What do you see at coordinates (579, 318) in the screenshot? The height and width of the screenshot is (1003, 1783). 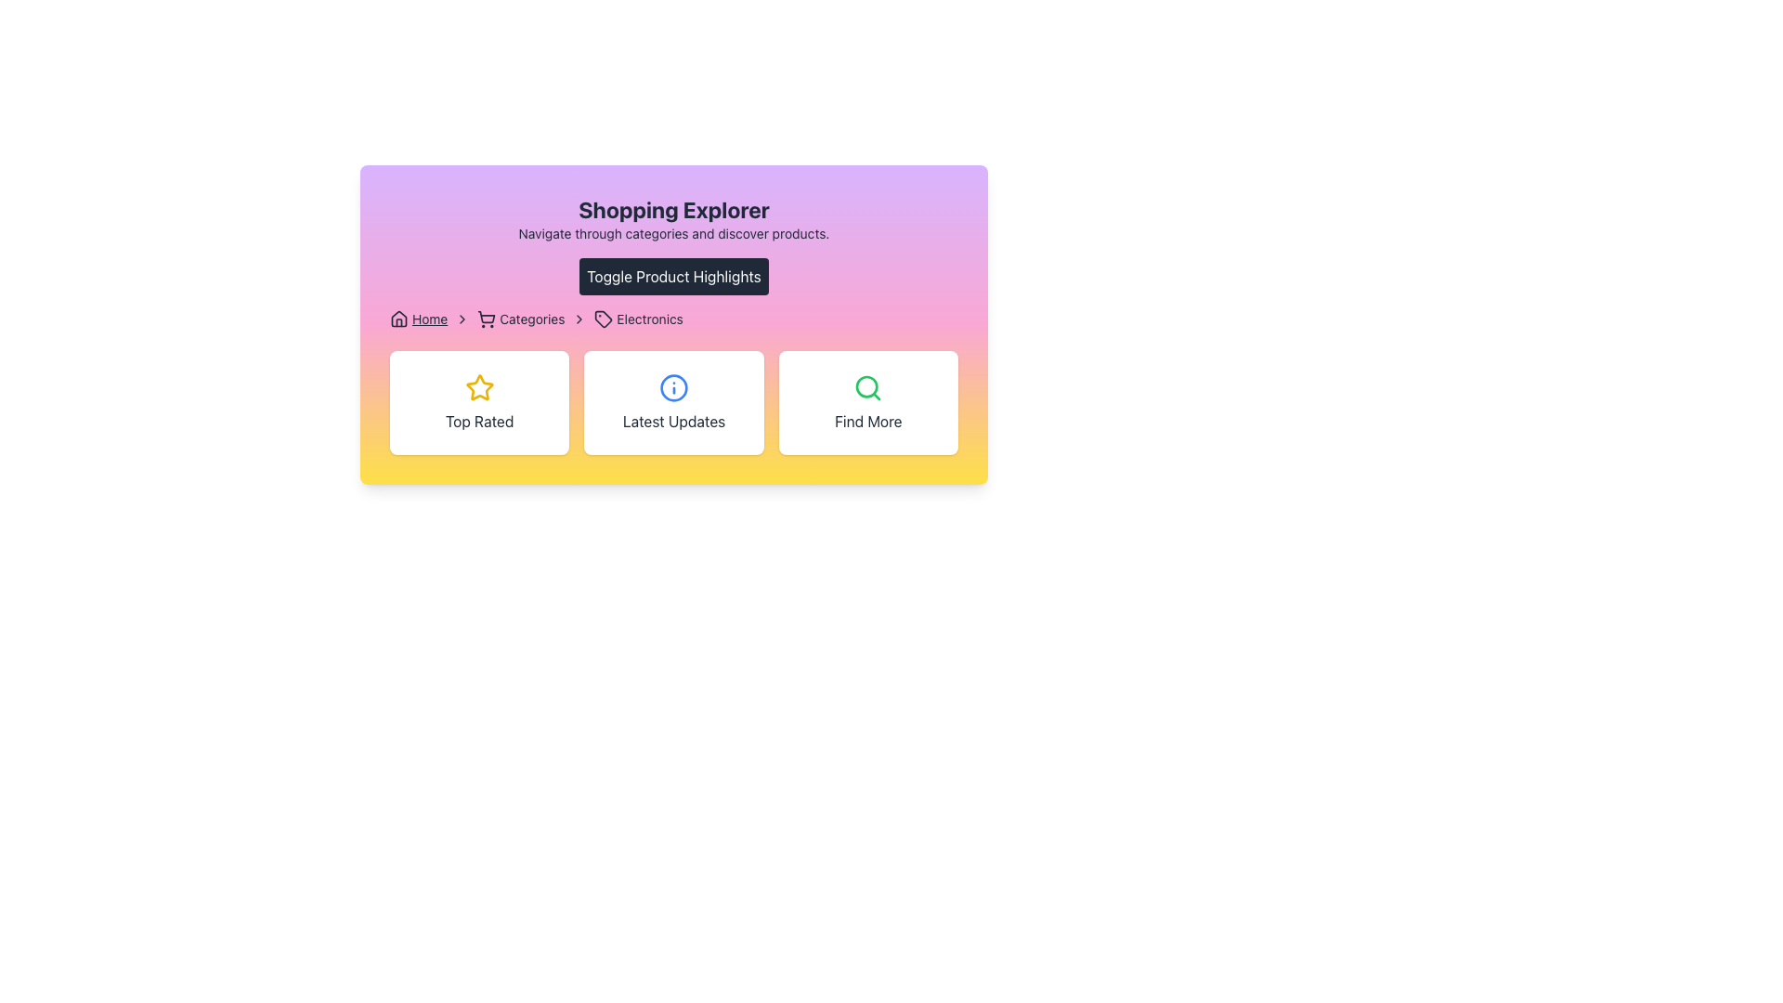 I see `the third chevron icon in the breadcrumb navigation, which signifies progression between 'Categories' and 'Electronics'` at bounding box center [579, 318].